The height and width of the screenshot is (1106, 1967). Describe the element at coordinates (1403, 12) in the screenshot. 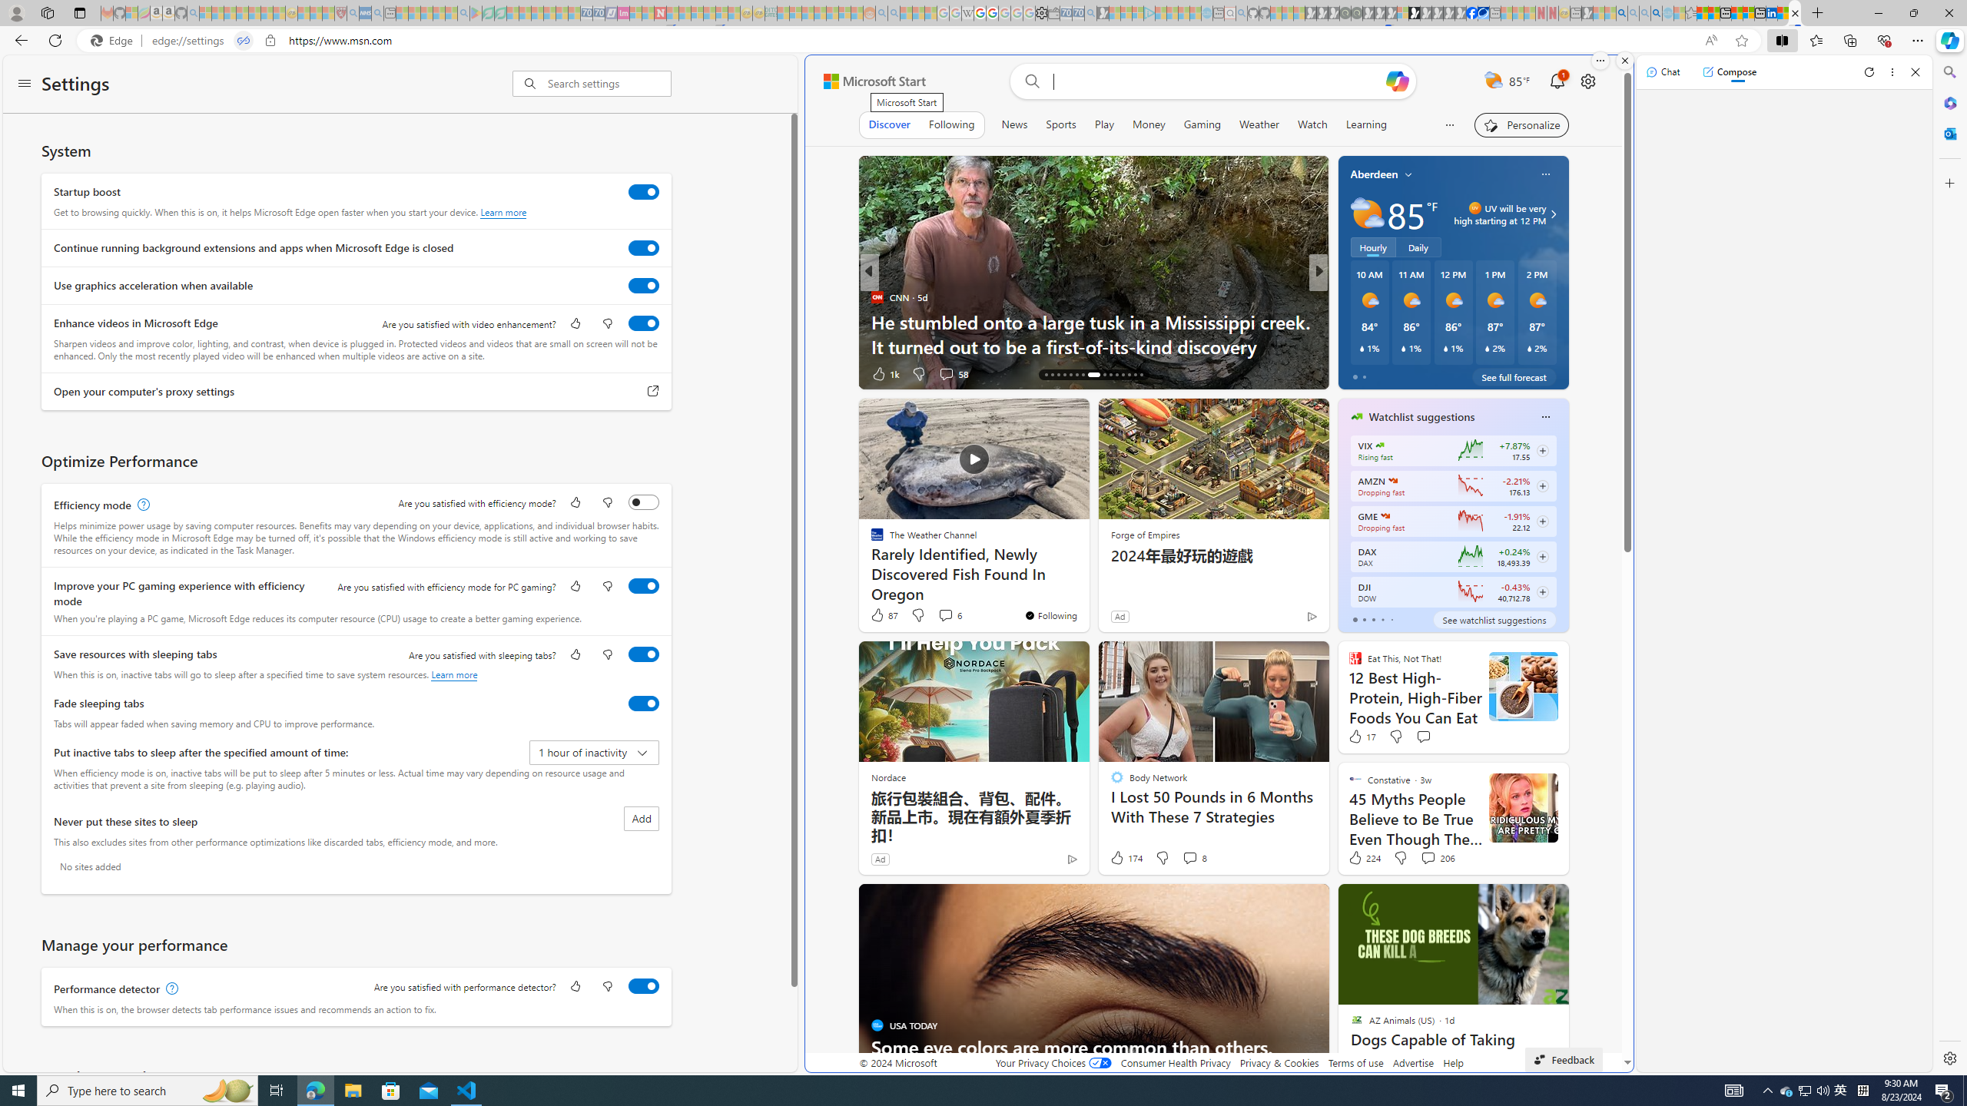

I see `'Sign in to your account - Sleeping'` at that location.